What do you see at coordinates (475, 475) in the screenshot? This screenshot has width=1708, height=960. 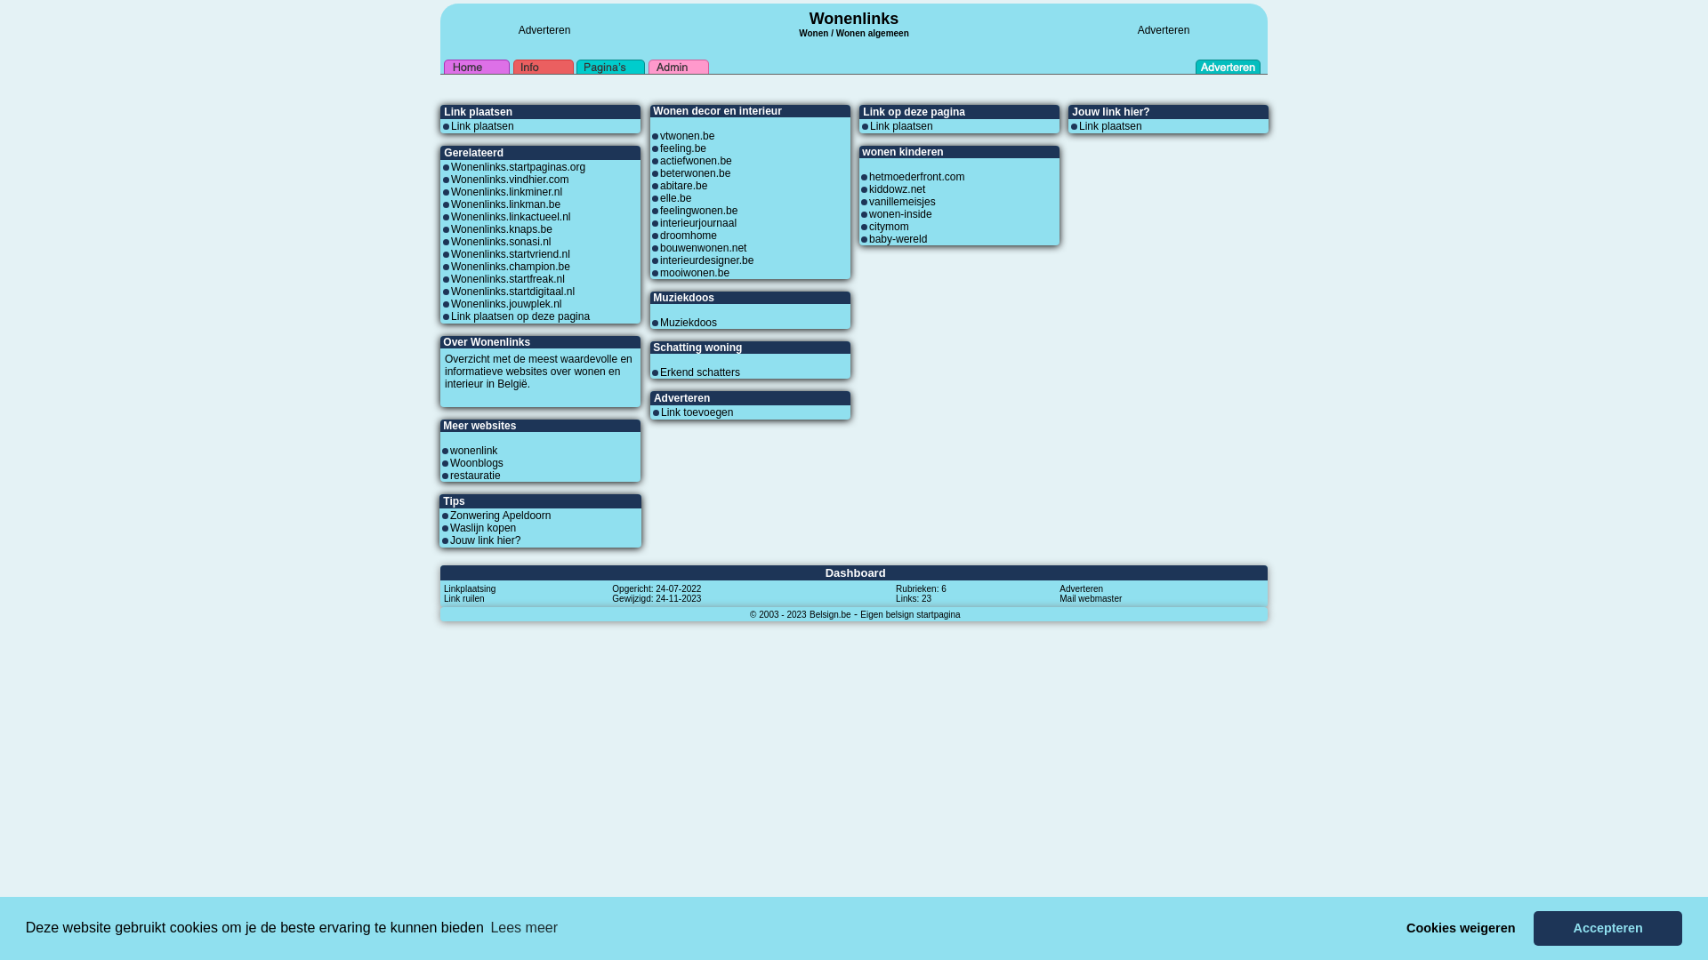 I see `'restauratie'` at bounding box center [475, 475].